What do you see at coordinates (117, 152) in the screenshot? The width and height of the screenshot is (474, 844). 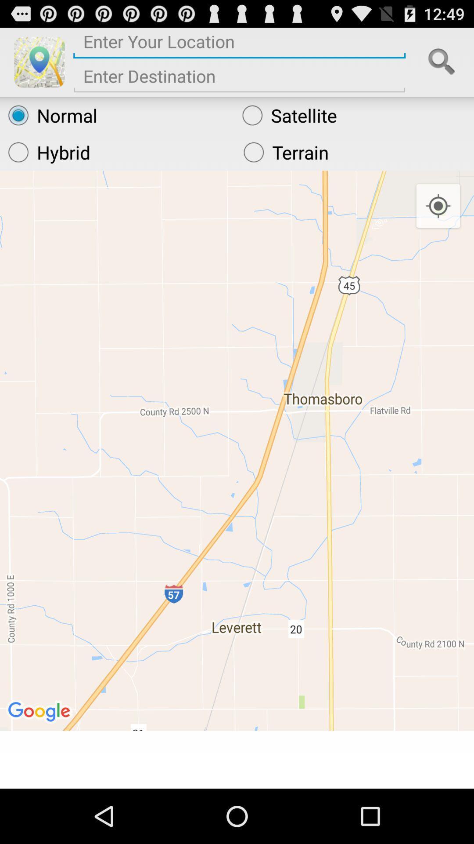 I see `the hybrid` at bounding box center [117, 152].